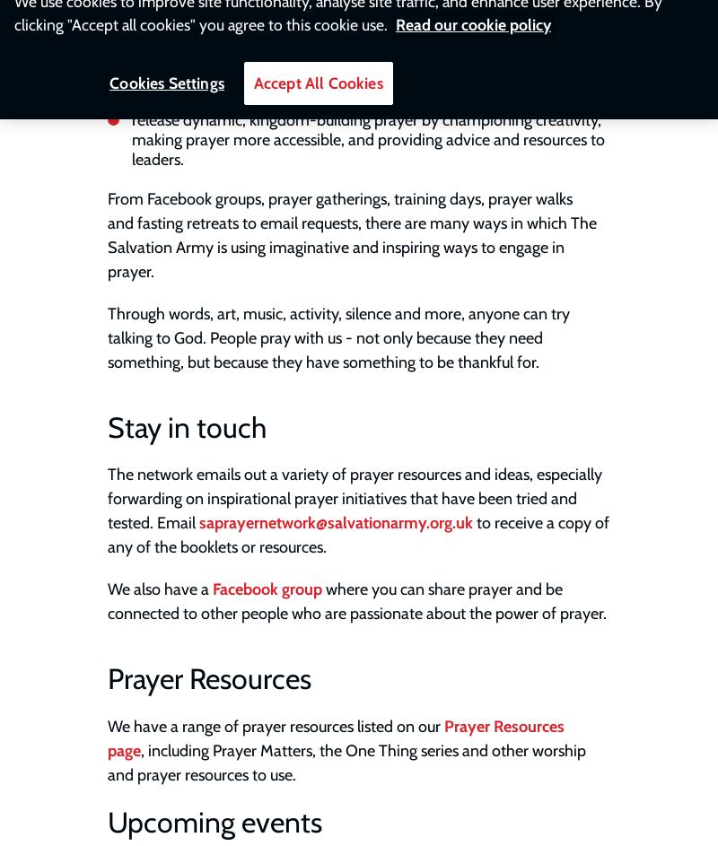 Image resolution: width=718 pixels, height=846 pixels. Describe the element at coordinates (275, 724) in the screenshot. I see `'We have a range of prayer resources listed on our'` at that location.